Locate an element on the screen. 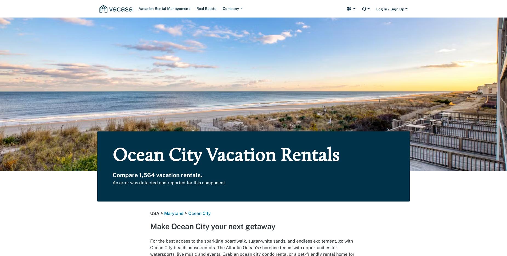 This screenshot has height=256, width=507. 'Real Estate' is located at coordinates (206, 8).